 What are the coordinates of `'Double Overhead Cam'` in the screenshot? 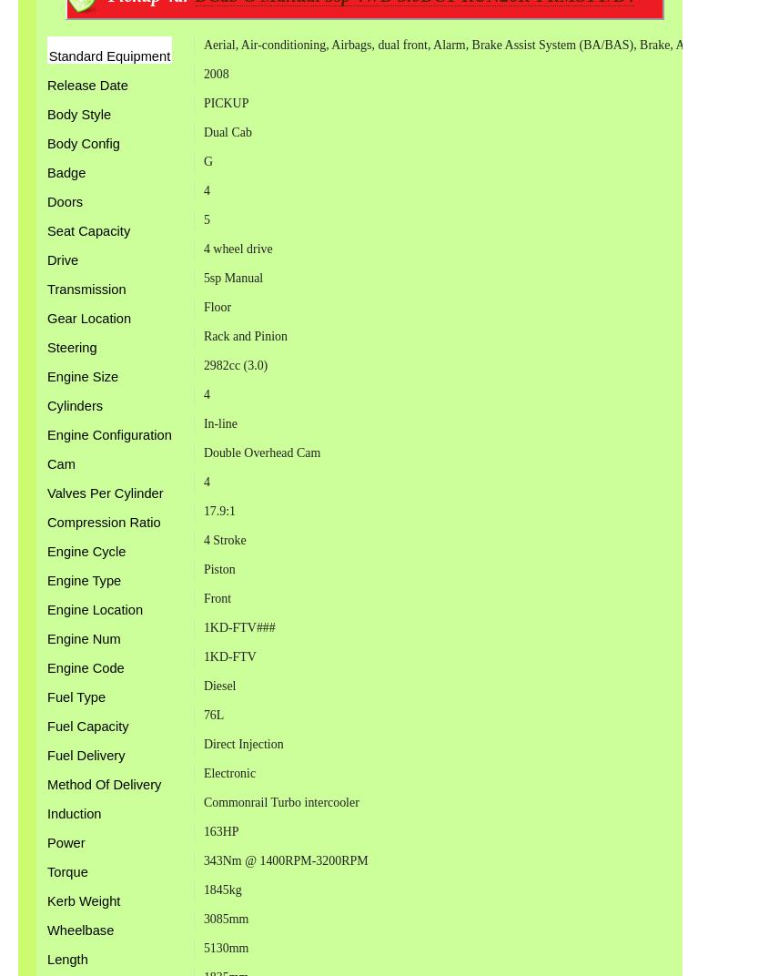 It's located at (201, 452).